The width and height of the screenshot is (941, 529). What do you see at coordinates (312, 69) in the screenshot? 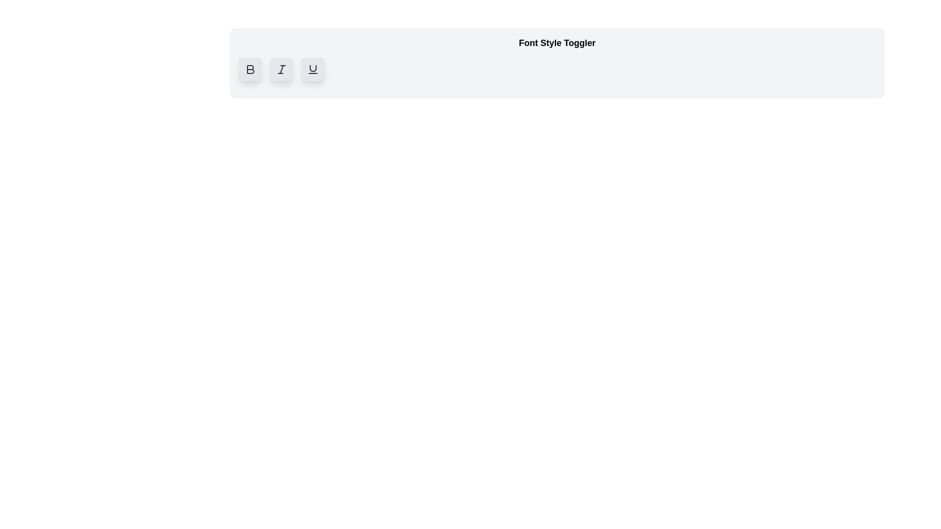
I see `the third button on the toolbar, which is a stylized 'U' icon with a horizontal line beneath it` at bounding box center [312, 69].